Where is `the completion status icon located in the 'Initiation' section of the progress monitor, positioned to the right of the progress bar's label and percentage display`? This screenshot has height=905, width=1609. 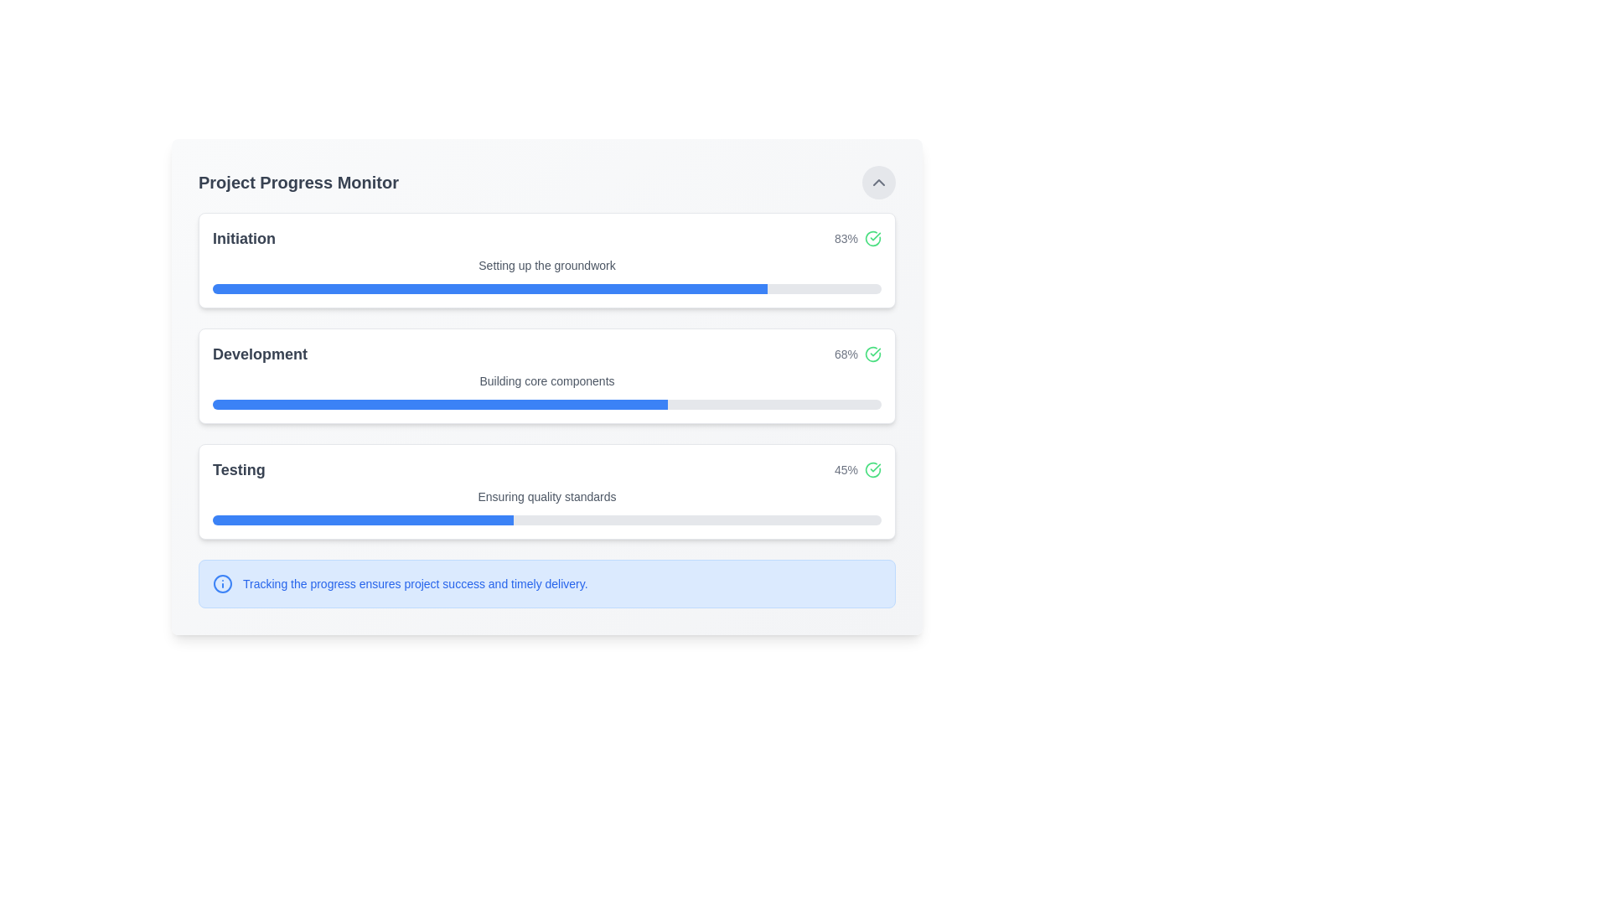
the completion status icon located in the 'Initiation' section of the progress monitor, positioned to the right of the progress bar's label and percentage display is located at coordinates (872, 239).